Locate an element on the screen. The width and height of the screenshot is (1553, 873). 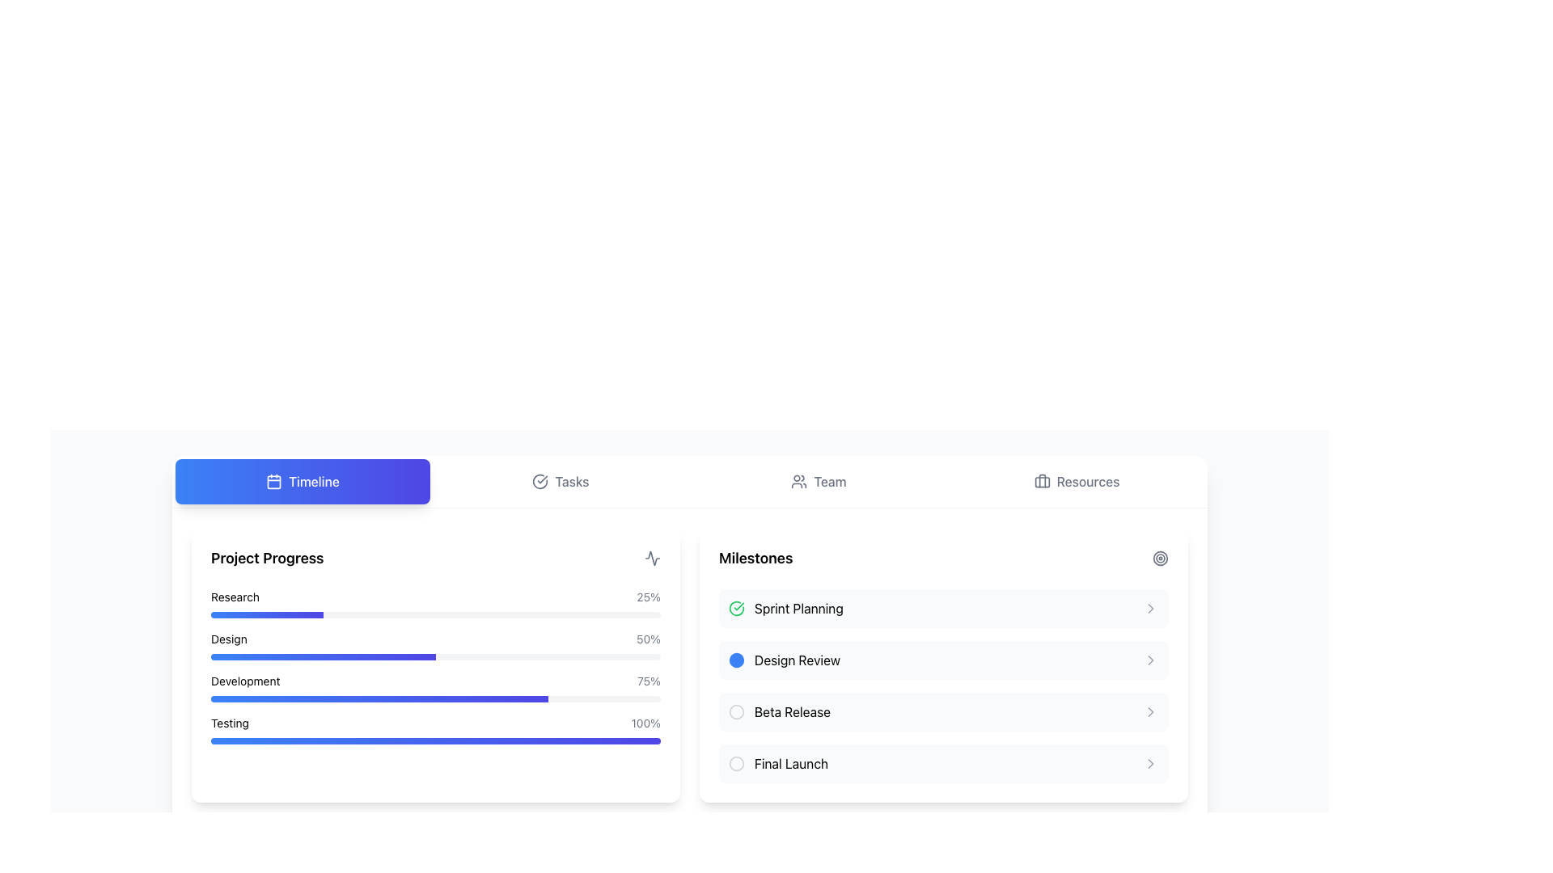
the text label displaying 'Sprint Planning' in the 'Milestones' section, which is the first entry in the list is located at coordinates (798, 608).